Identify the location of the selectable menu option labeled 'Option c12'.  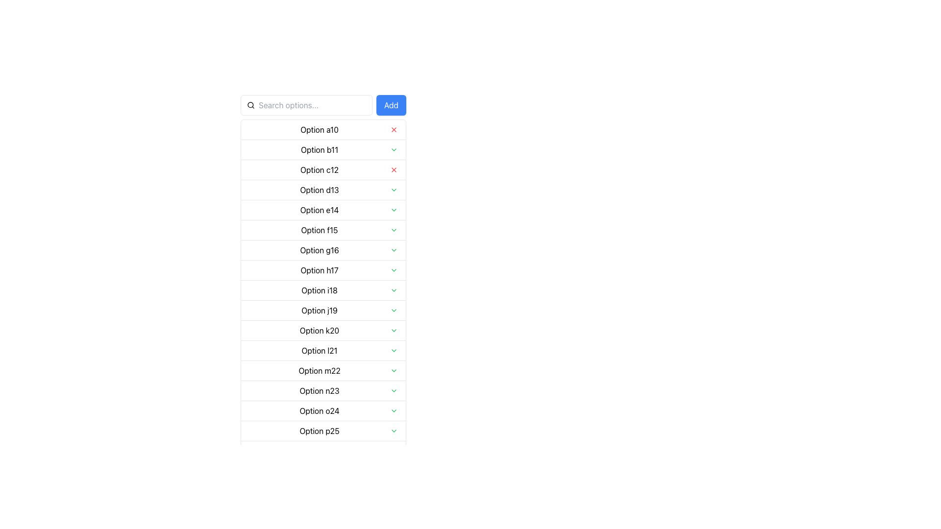
(323, 169).